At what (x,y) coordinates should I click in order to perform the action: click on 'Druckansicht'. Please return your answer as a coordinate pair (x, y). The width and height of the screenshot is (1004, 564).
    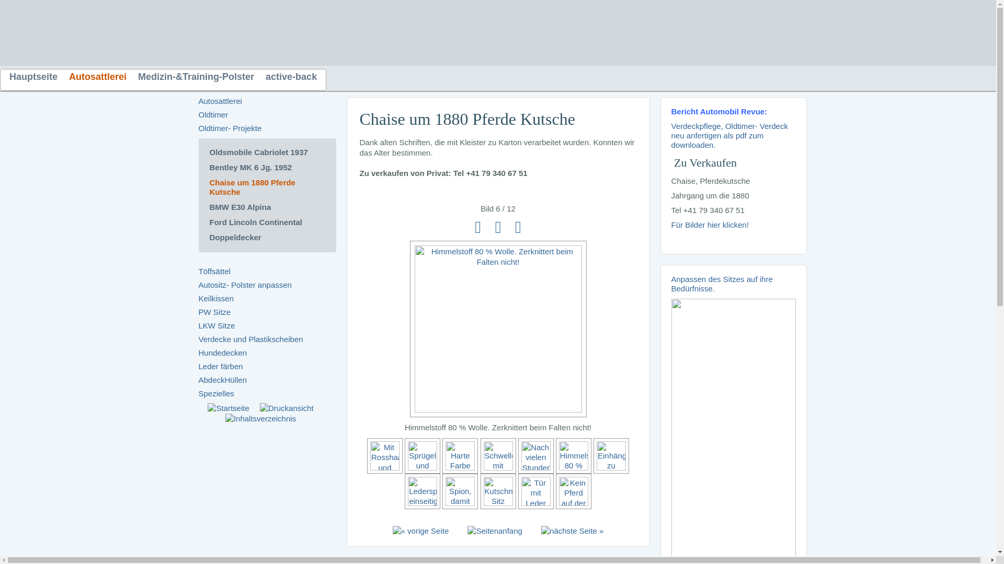
    Looking at the image, I should click on (287, 408).